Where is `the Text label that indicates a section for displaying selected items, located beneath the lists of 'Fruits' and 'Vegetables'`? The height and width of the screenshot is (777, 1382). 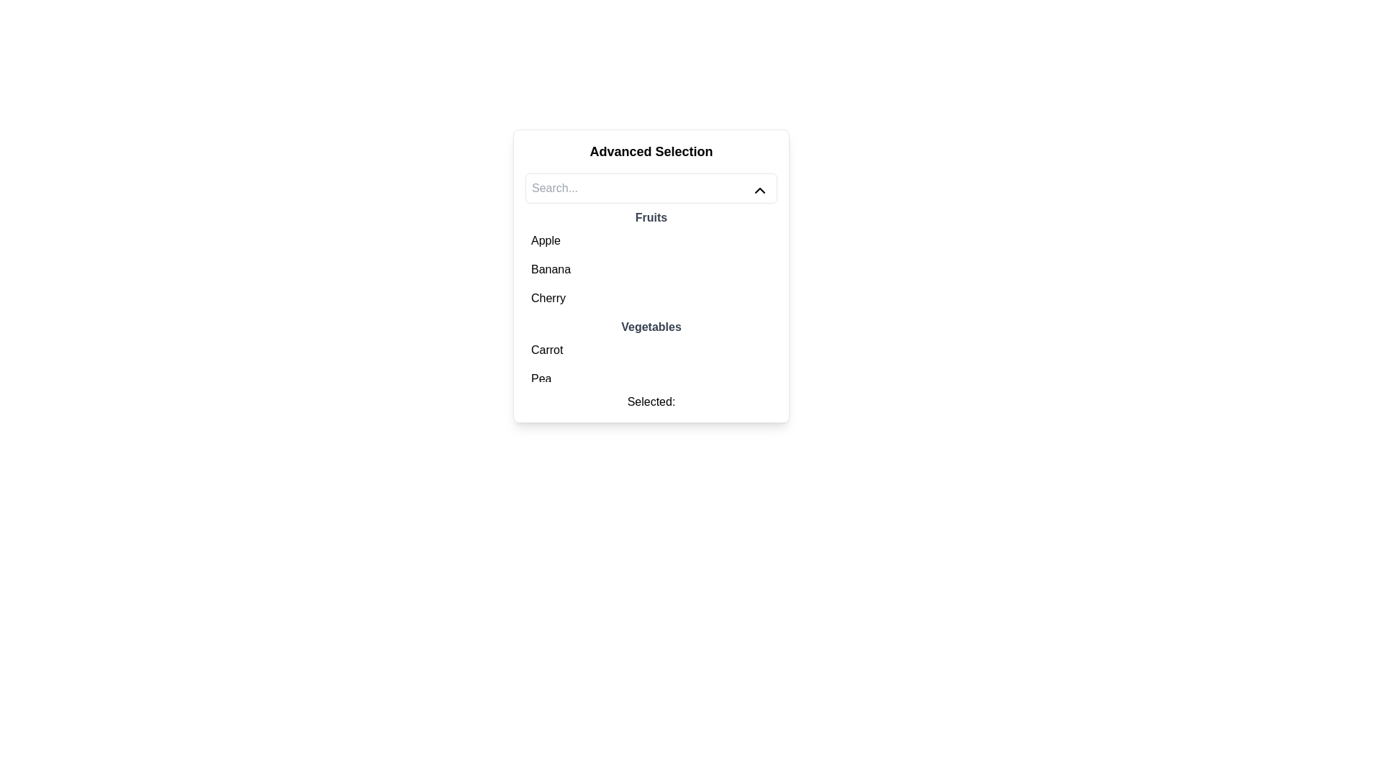
the Text label that indicates a section for displaying selected items, located beneath the lists of 'Fruits' and 'Vegetables' is located at coordinates (651, 402).